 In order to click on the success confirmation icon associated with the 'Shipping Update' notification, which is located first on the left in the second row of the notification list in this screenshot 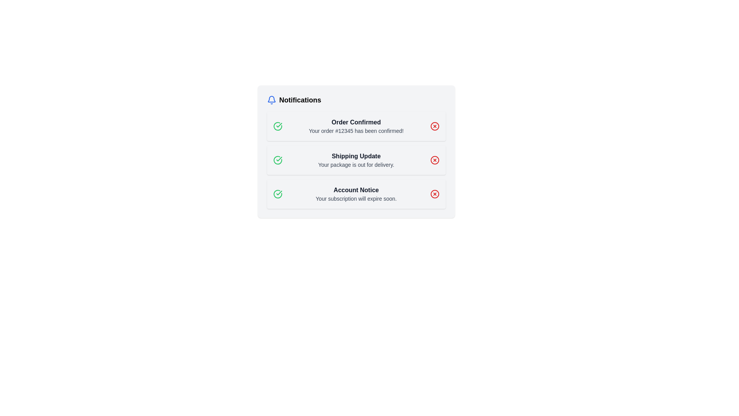, I will do `click(277, 160)`.